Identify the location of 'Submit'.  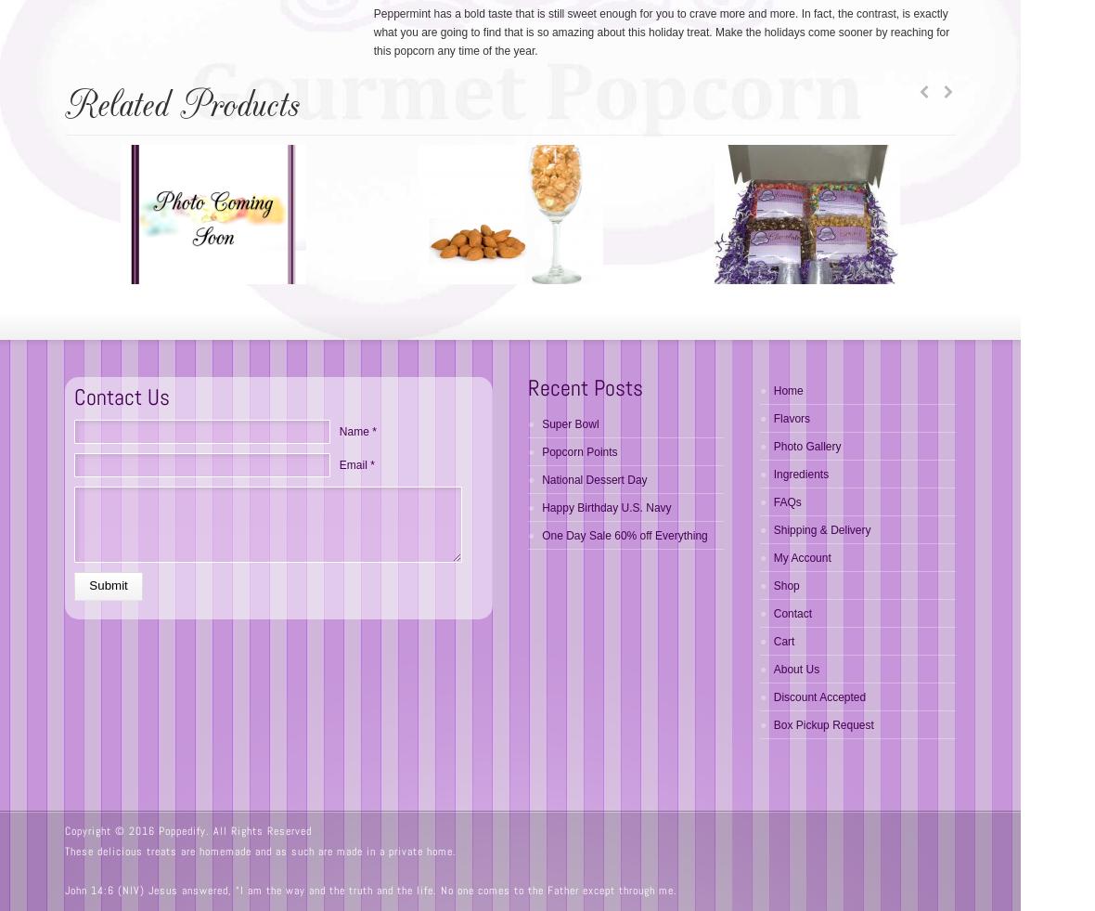
(88, 585).